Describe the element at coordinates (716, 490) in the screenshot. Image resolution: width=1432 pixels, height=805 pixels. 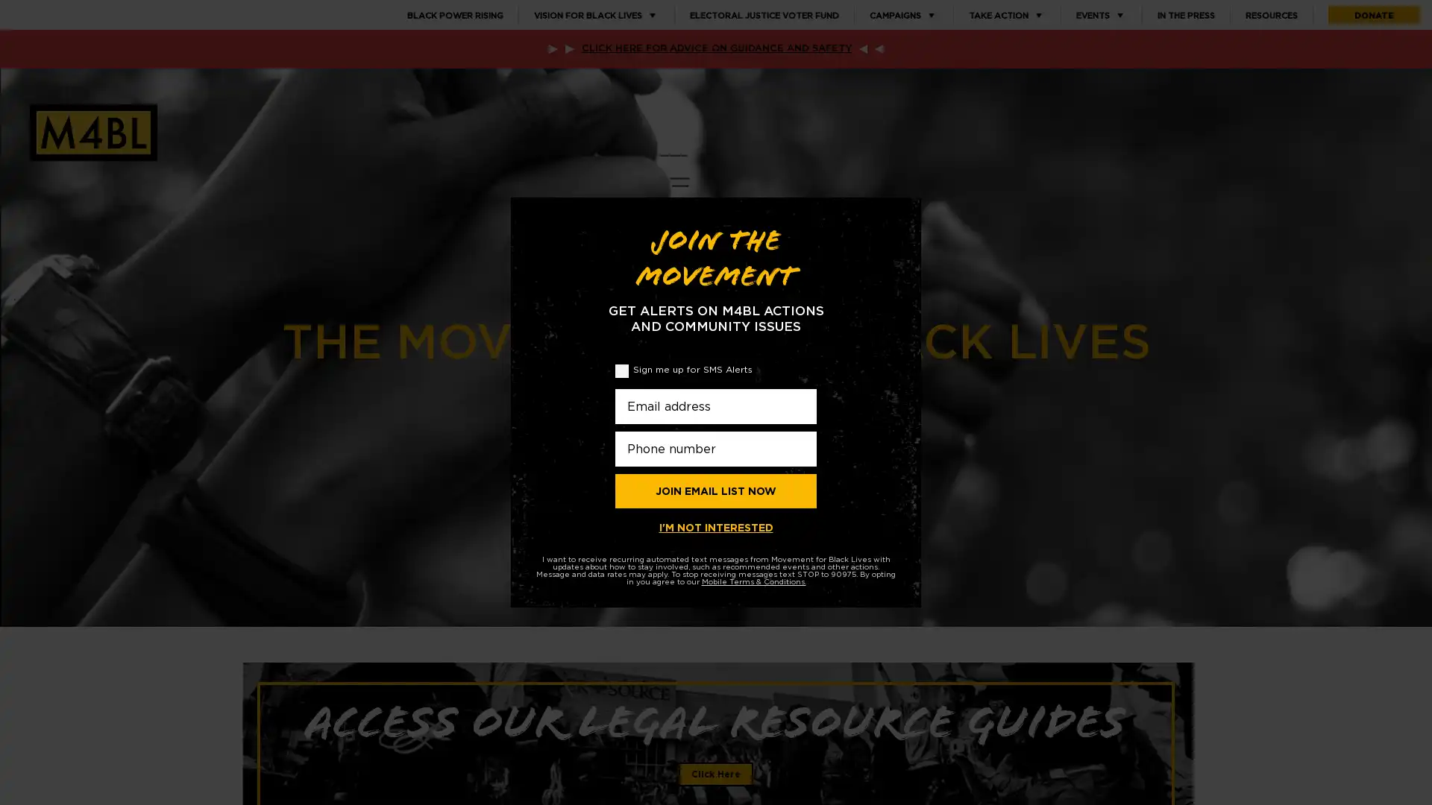
I see `JOIN EMAIL LIST NOW` at that location.